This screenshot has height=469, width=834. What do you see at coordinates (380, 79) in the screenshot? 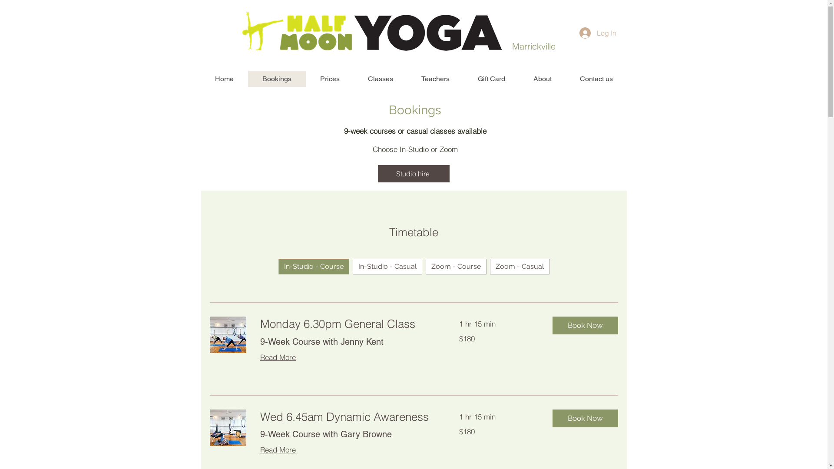
I see `'Classes'` at bounding box center [380, 79].